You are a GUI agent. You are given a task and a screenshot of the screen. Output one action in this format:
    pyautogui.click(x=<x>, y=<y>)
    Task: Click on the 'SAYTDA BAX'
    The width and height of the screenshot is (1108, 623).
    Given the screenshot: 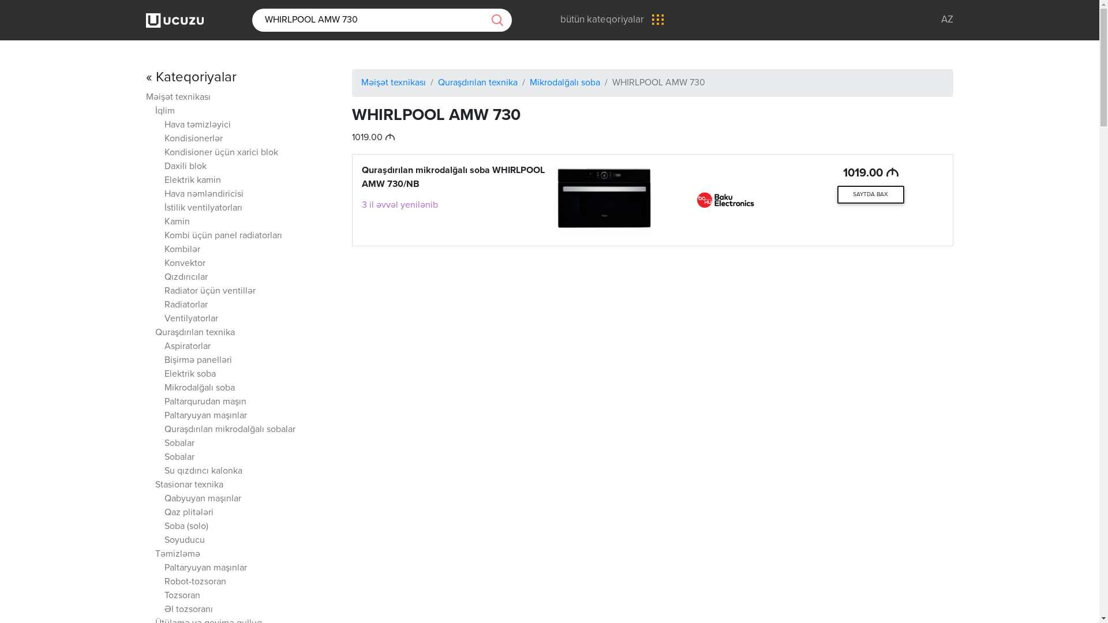 What is the action you would take?
    pyautogui.click(x=870, y=194)
    